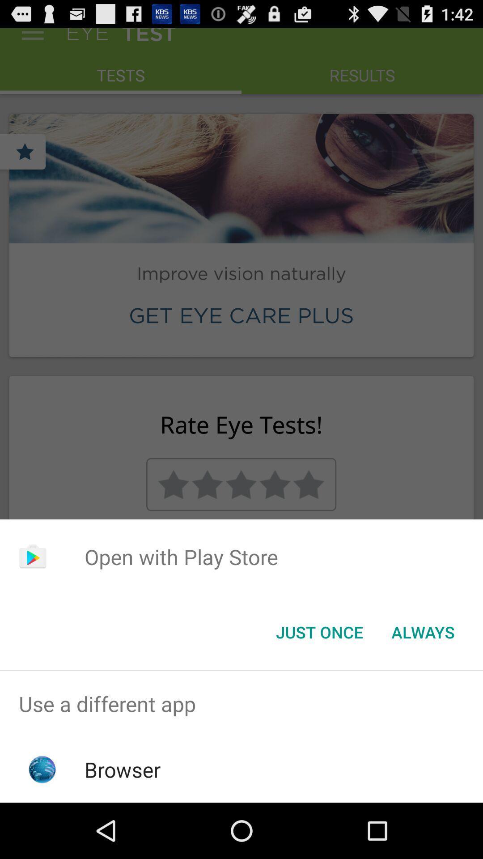 This screenshot has width=483, height=859. What do you see at coordinates (423, 631) in the screenshot?
I see `the always item` at bounding box center [423, 631].